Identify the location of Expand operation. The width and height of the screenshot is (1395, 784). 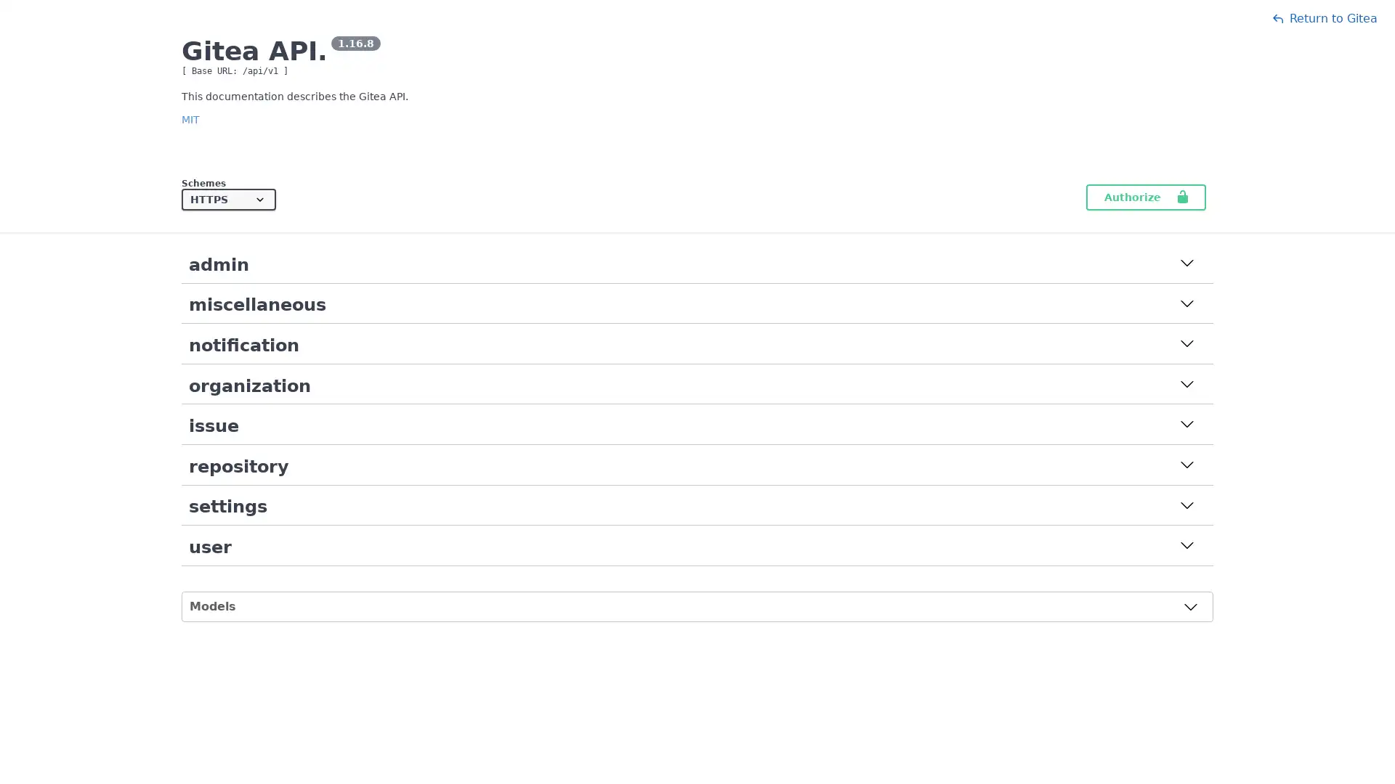
(1186, 304).